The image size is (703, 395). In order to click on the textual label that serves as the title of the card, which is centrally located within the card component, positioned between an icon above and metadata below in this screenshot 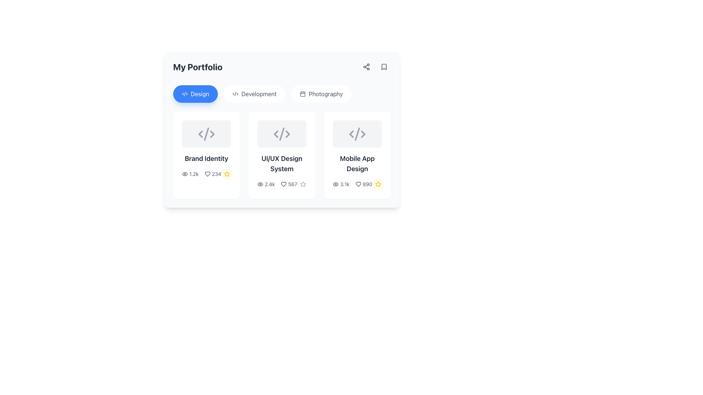, I will do `click(206, 158)`.